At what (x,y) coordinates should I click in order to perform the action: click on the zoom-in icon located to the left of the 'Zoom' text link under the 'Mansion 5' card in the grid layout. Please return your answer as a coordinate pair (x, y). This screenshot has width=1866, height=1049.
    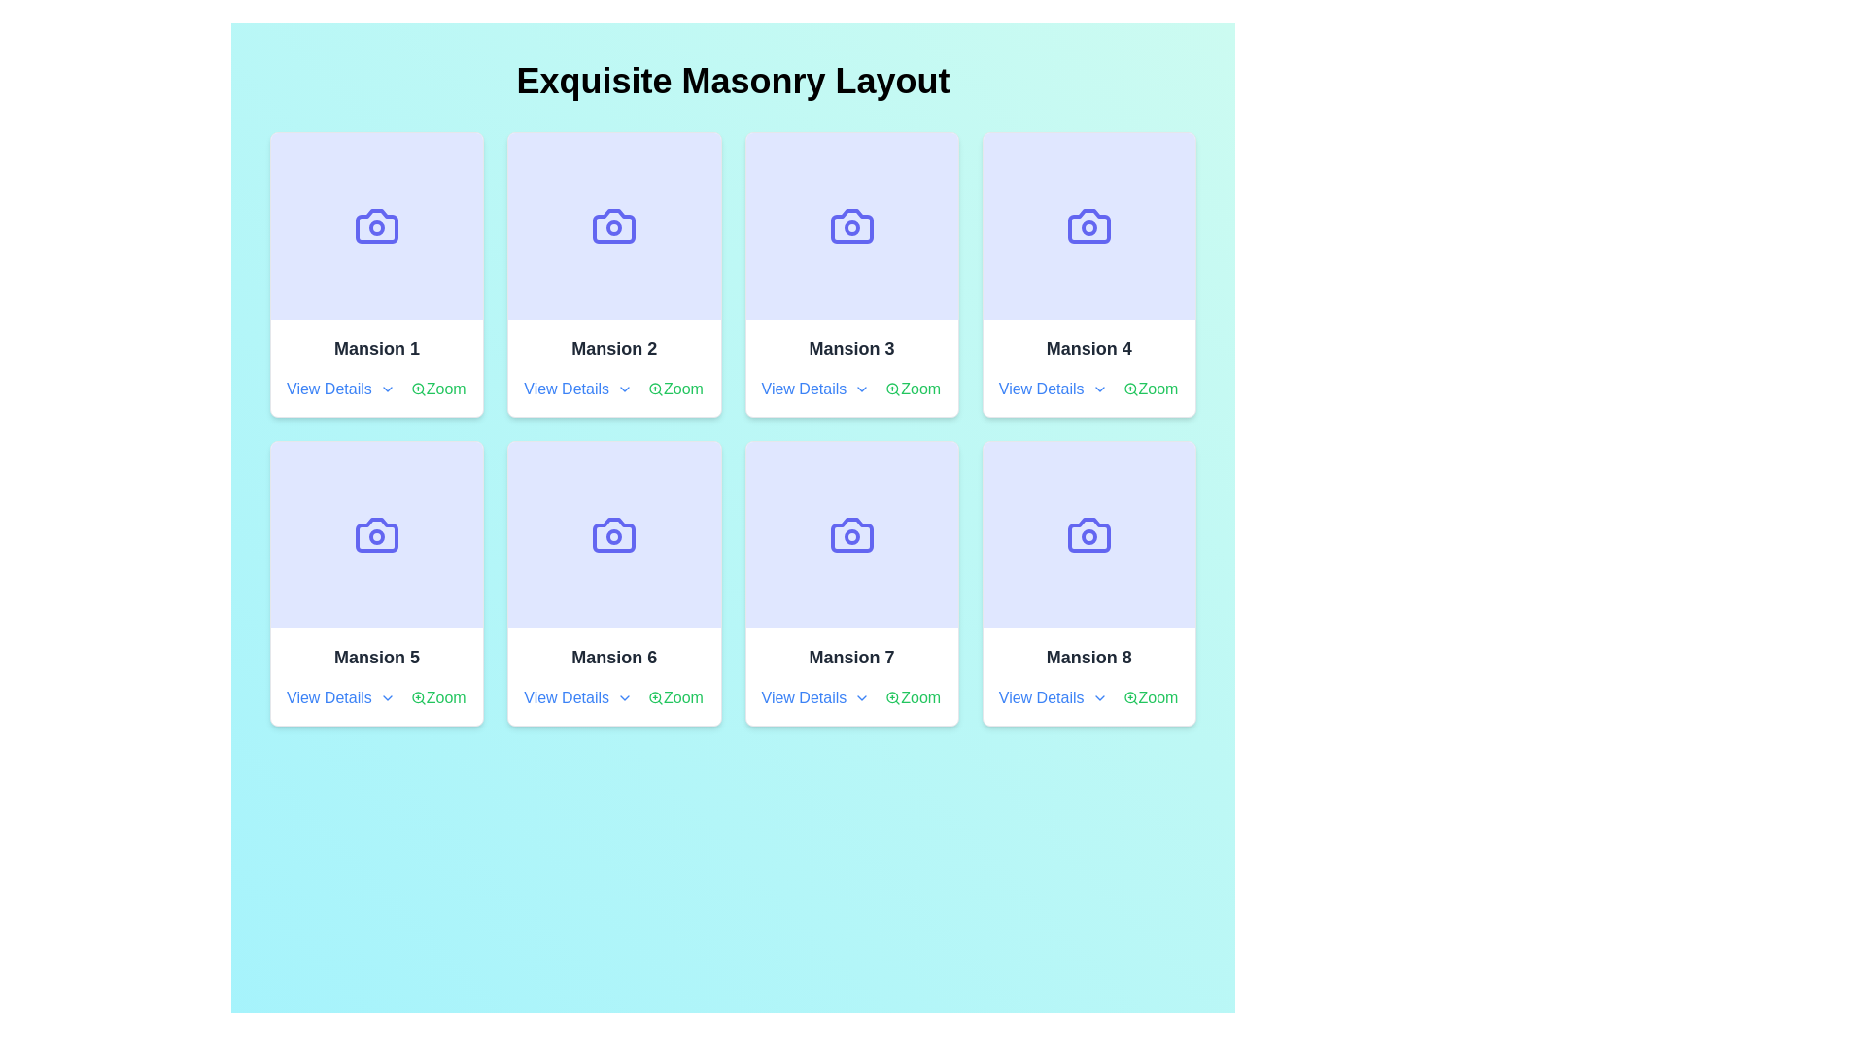
    Looking at the image, I should click on (417, 696).